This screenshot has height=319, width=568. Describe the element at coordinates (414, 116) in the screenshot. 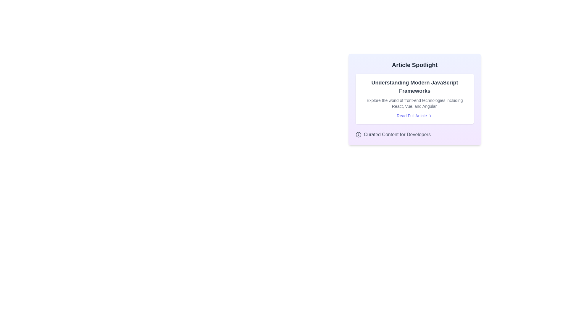

I see `the hyperlink with associated icon located in the center-right portion of the interface, below the text 'Explore the world of front-end technologies including React, Vue, and Angular.'` at that location.